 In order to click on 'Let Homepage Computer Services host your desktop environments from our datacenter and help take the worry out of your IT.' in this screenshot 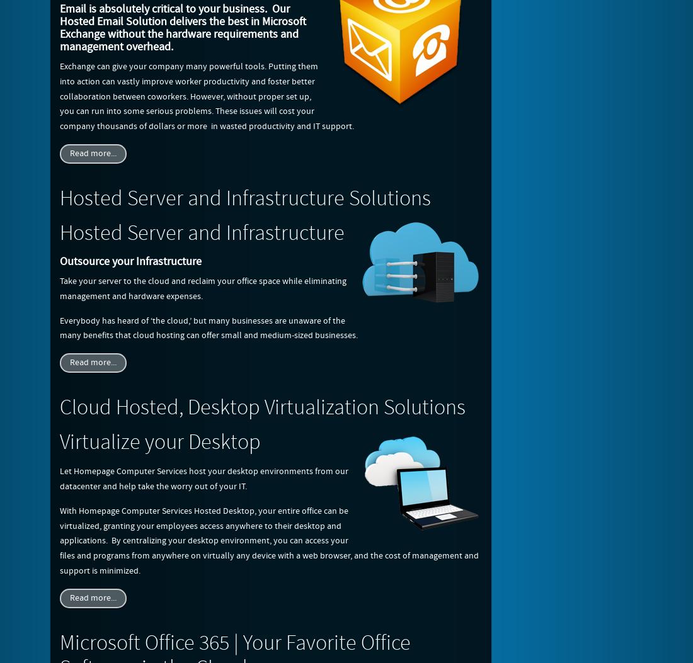, I will do `click(203, 479)`.